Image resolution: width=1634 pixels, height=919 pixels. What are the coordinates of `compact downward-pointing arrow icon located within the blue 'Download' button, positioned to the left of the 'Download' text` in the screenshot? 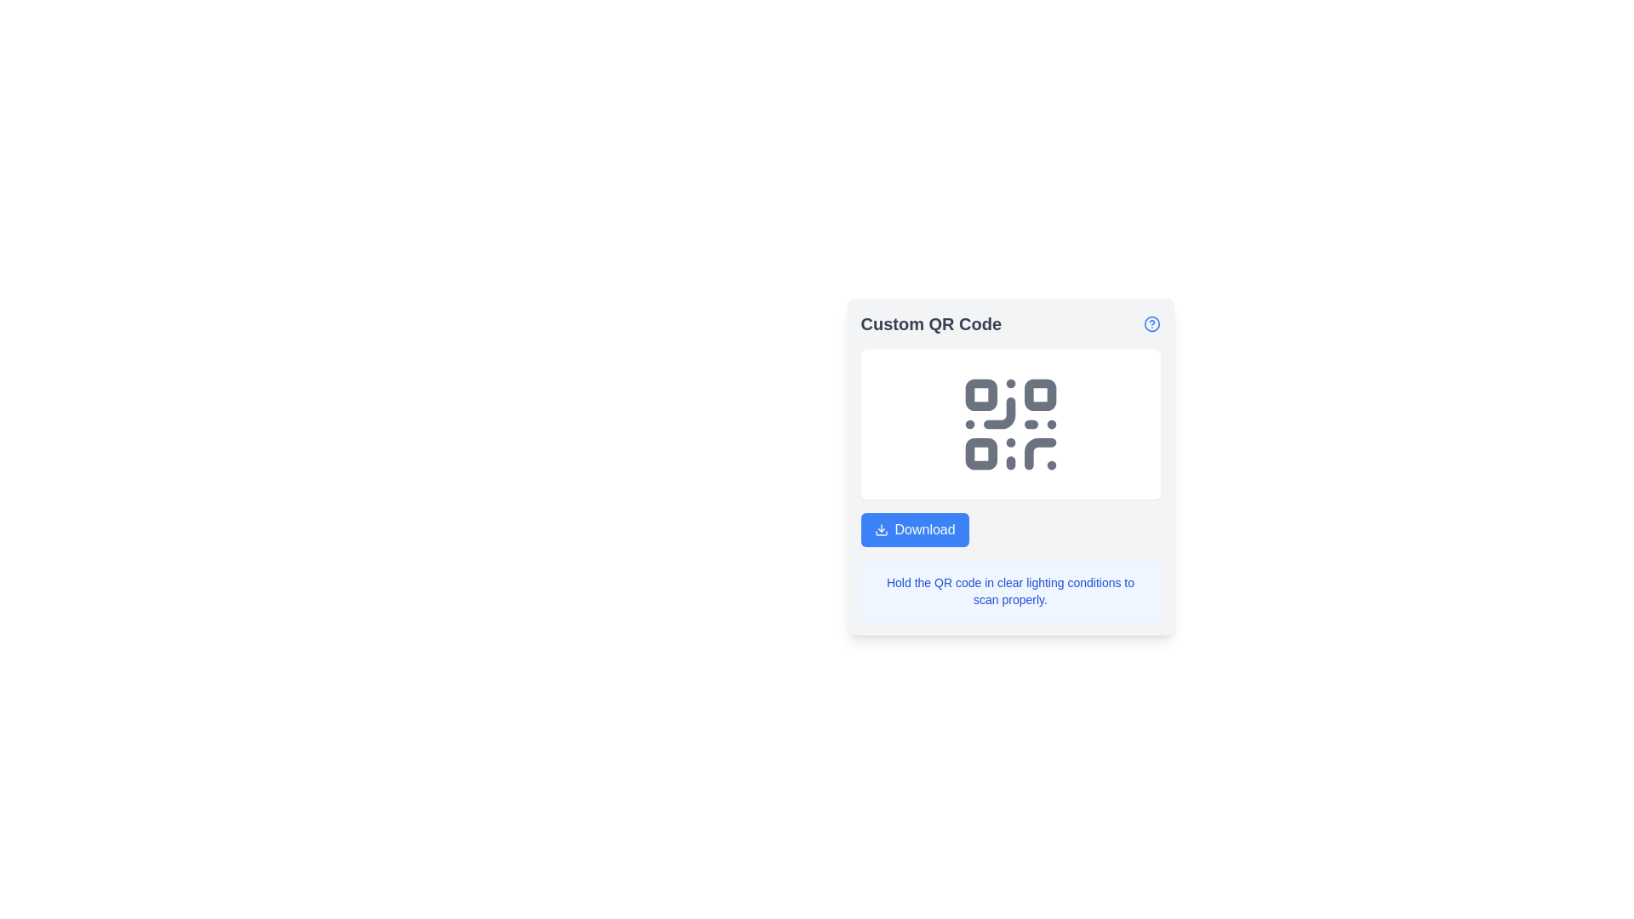 It's located at (881, 529).